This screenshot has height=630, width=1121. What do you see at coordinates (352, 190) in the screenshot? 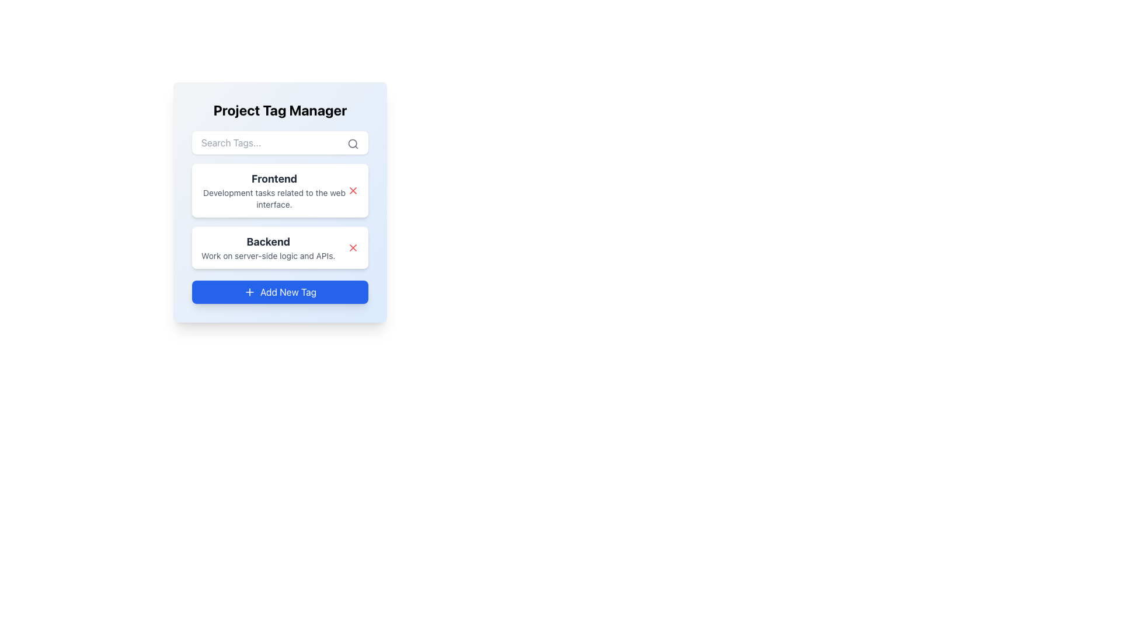
I see `attributes of the 'X' vector graphical line element within the SVG icon, which is used for deleting the second list item near the right side of the 'Backend' text` at bounding box center [352, 190].